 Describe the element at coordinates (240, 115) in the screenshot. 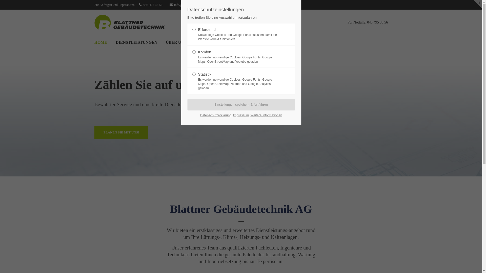

I see `'Impressum'` at that location.